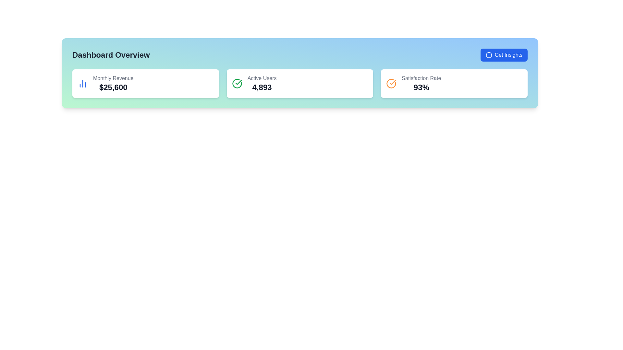  What do you see at coordinates (262, 83) in the screenshot?
I see `the 'Active Users' information display panel, which shows the number '4,893' in bold font, located in the second card of a row of three cards` at bounding box center [262, 83].